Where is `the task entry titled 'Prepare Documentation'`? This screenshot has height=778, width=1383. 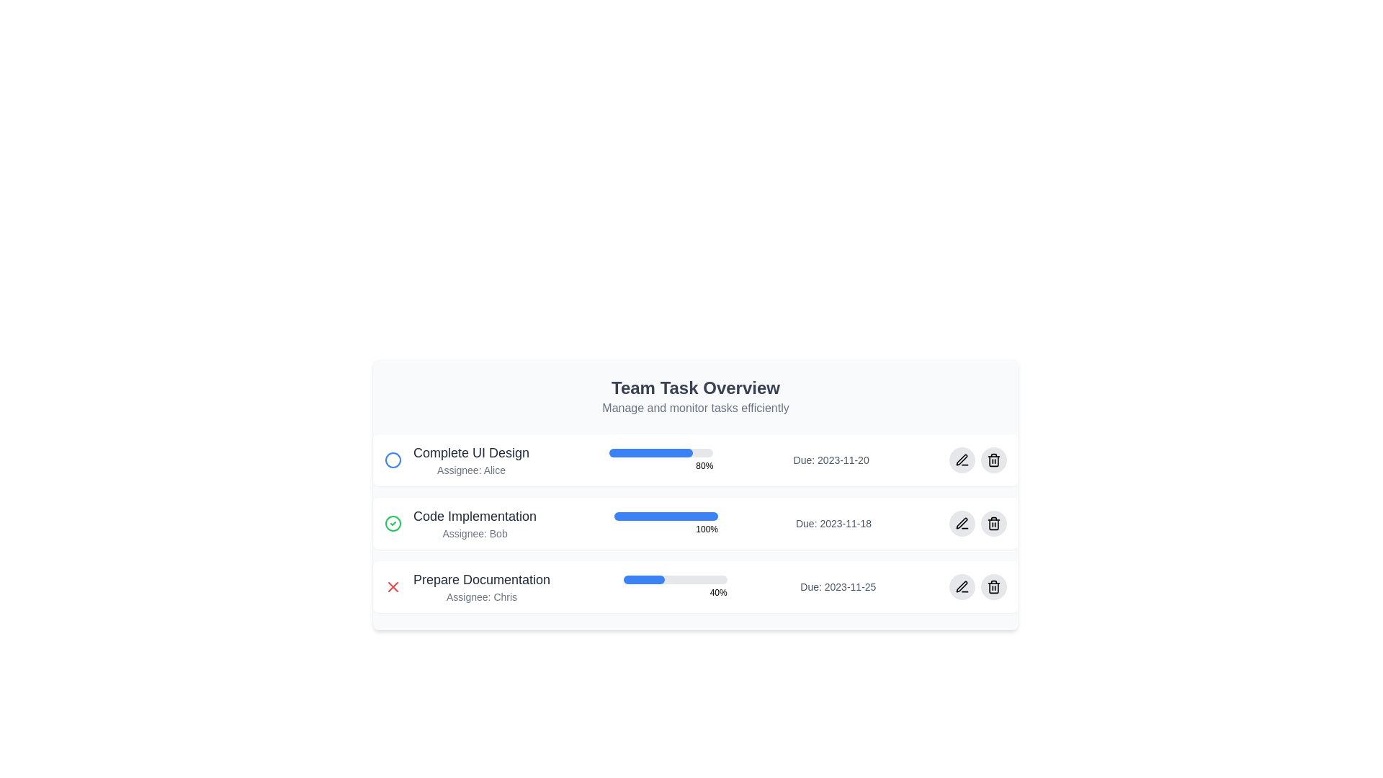 the task entry titled 'Prepare Documentation' is located at coordinates (695, 586).